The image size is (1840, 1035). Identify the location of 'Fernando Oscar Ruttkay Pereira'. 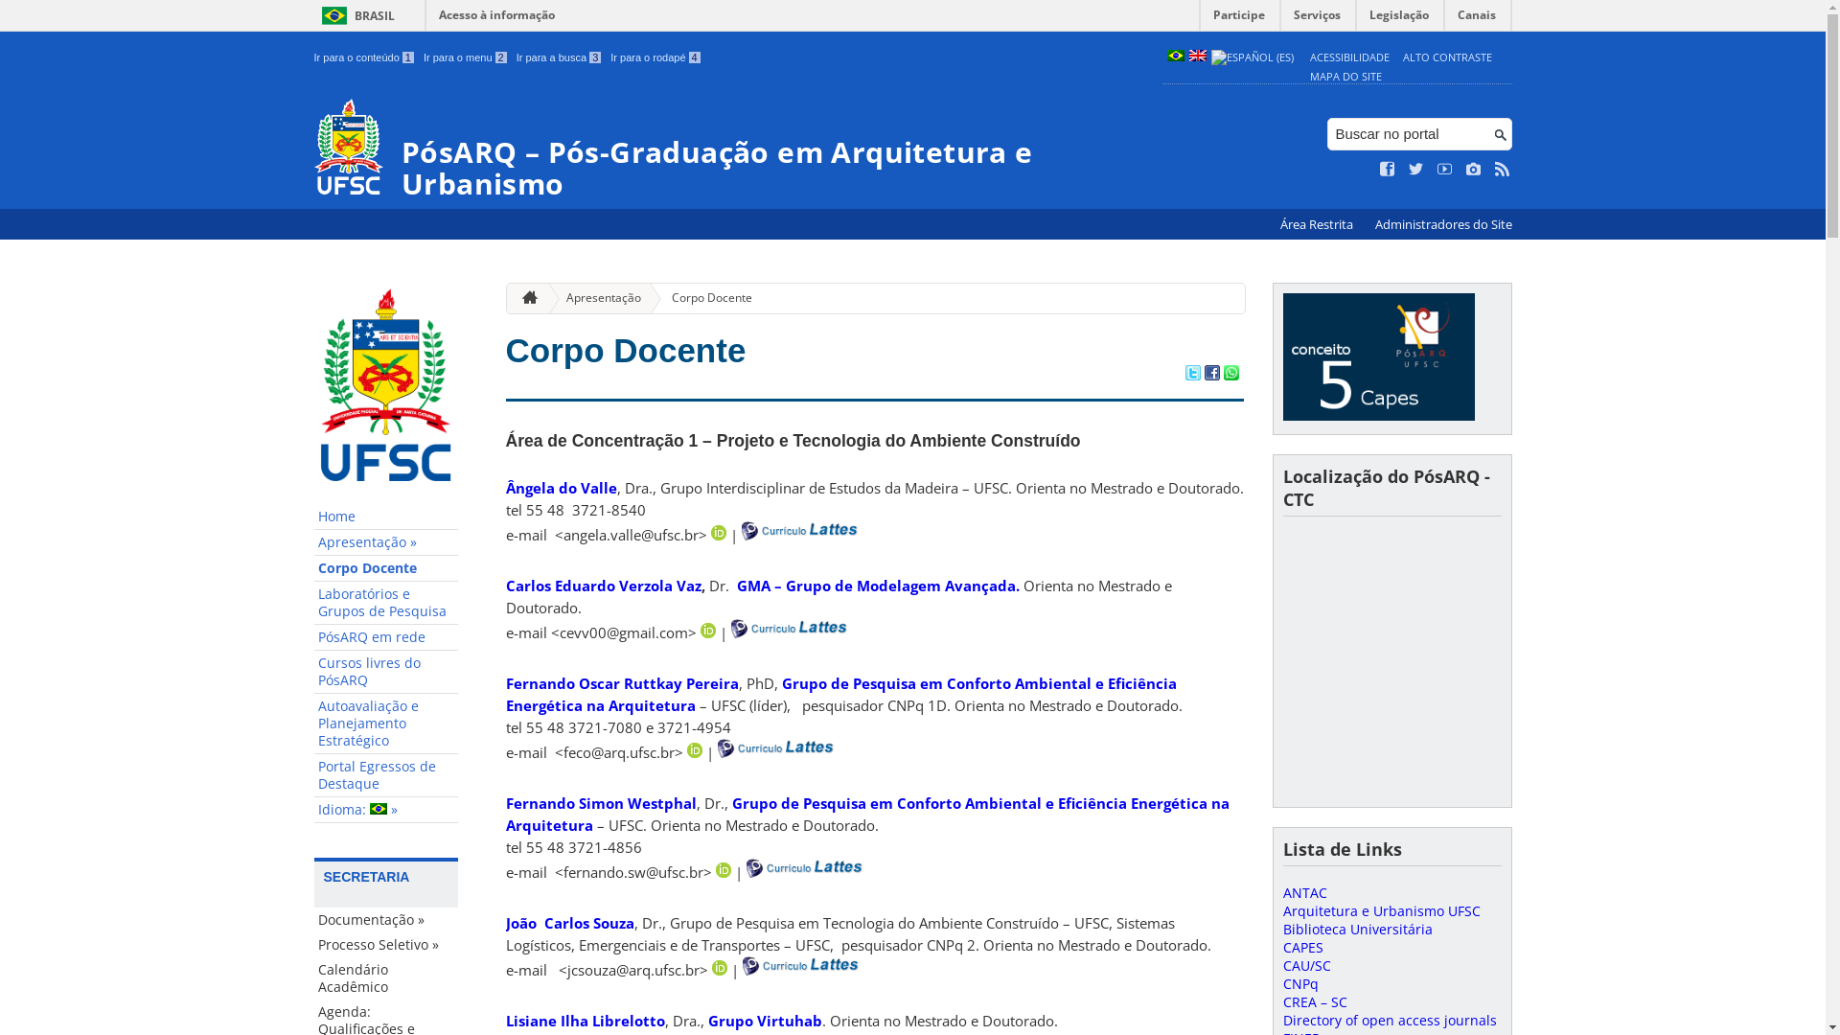
(622, 682).